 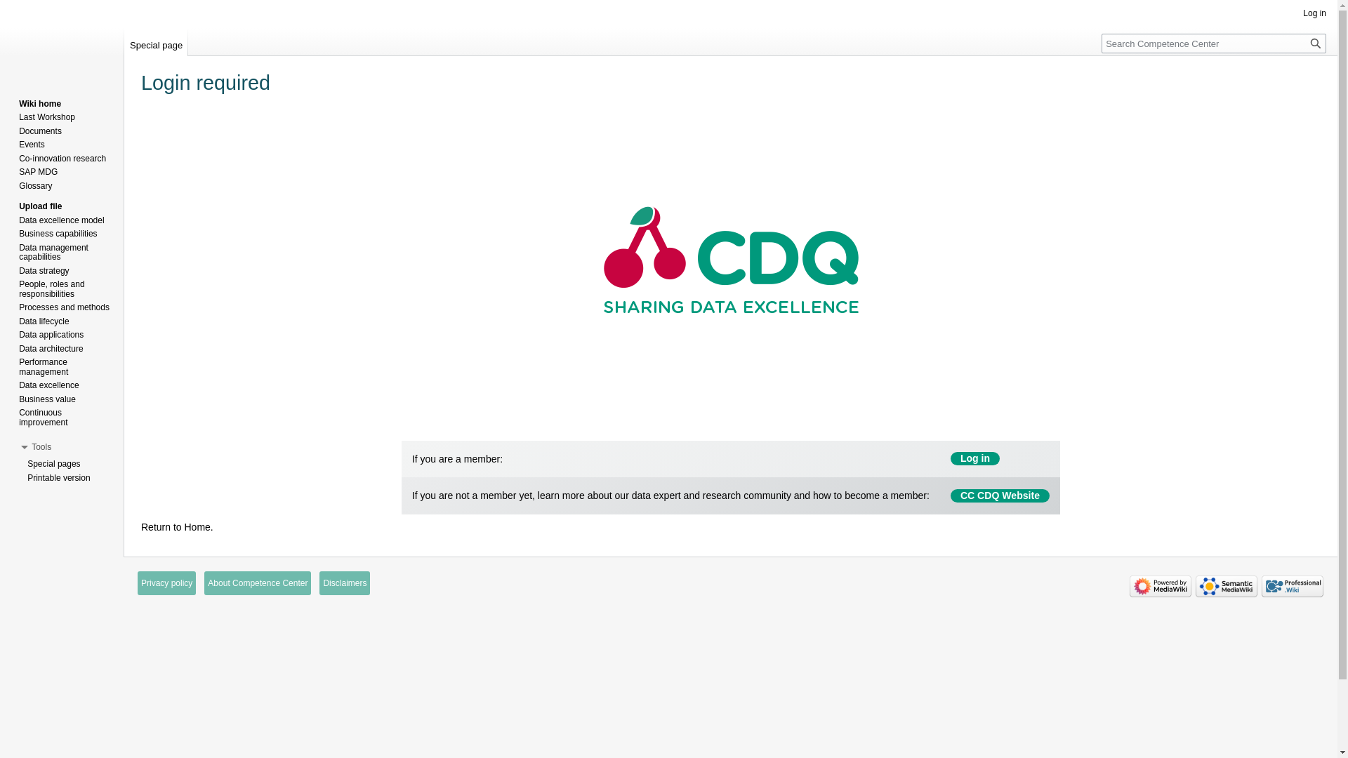 What do you see at coordinates (57, 232) in the screenshot?
I see `'Business capabilities'` at bounding box center [57, 232].